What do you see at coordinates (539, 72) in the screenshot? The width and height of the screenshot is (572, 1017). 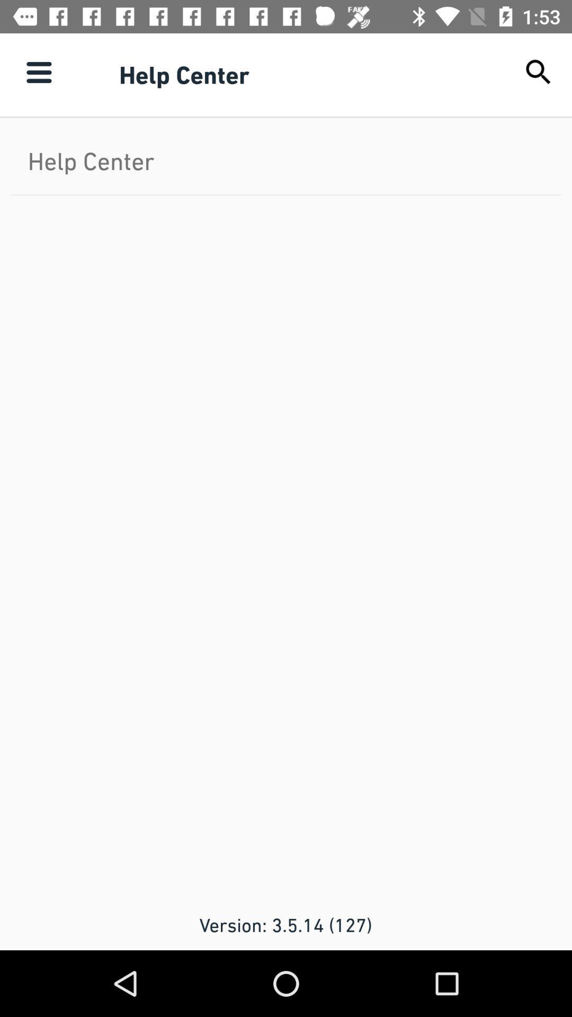 I see `item next to the help center icon` at bounding box center [539, 72].